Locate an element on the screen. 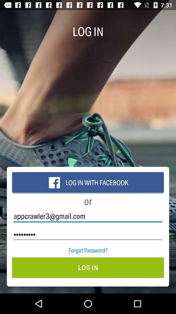 The height and width of the screenshot is (314, 176). the item above the log in item is located at coordinates (88, 250).